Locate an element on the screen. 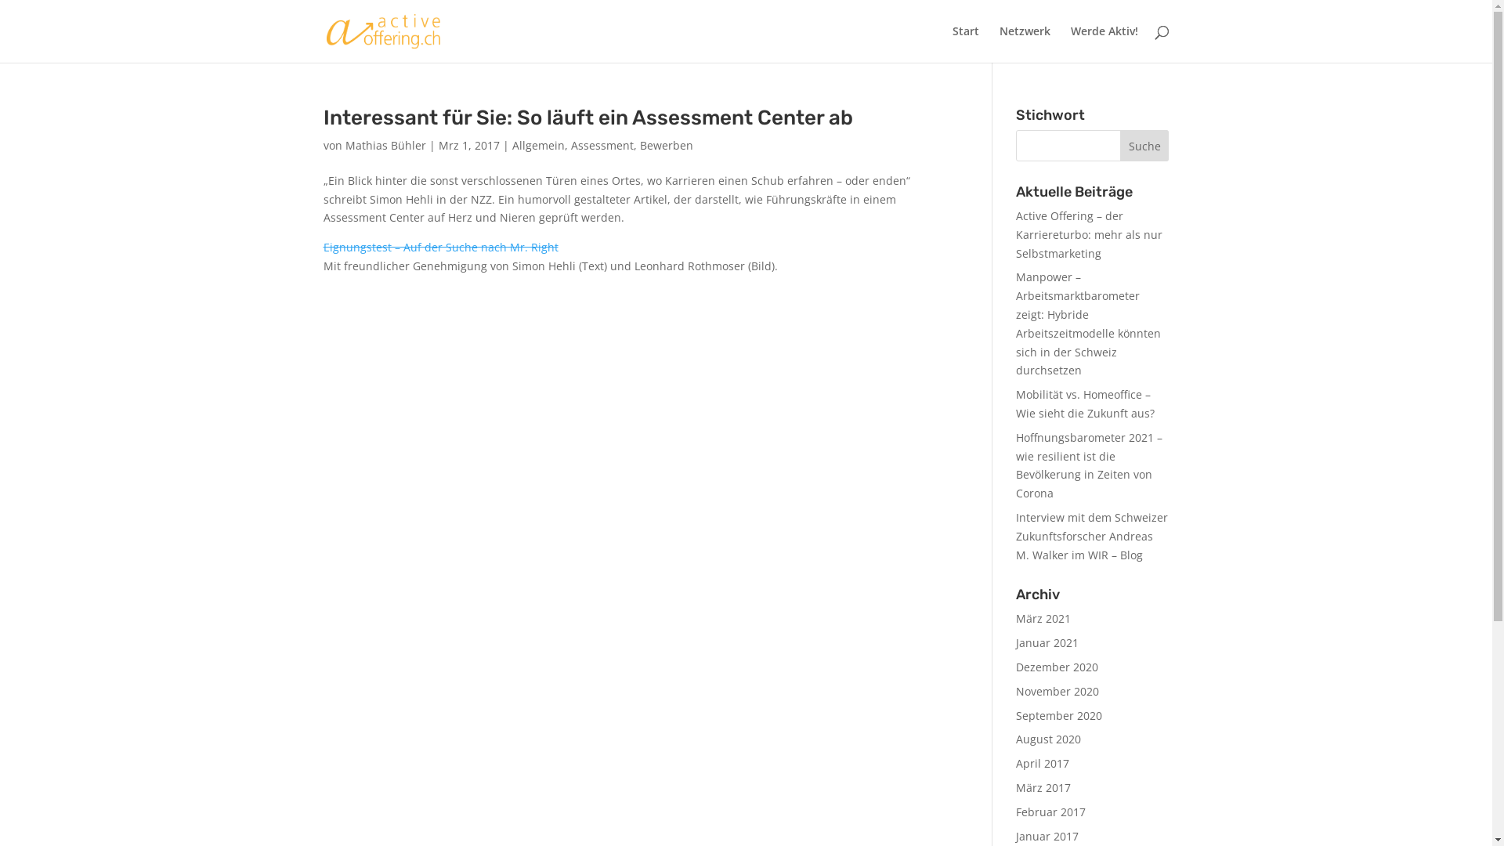 The height and width of the screenshot is (846, 1504). 'Februar 2017' is located at coordinates (1050, 811).